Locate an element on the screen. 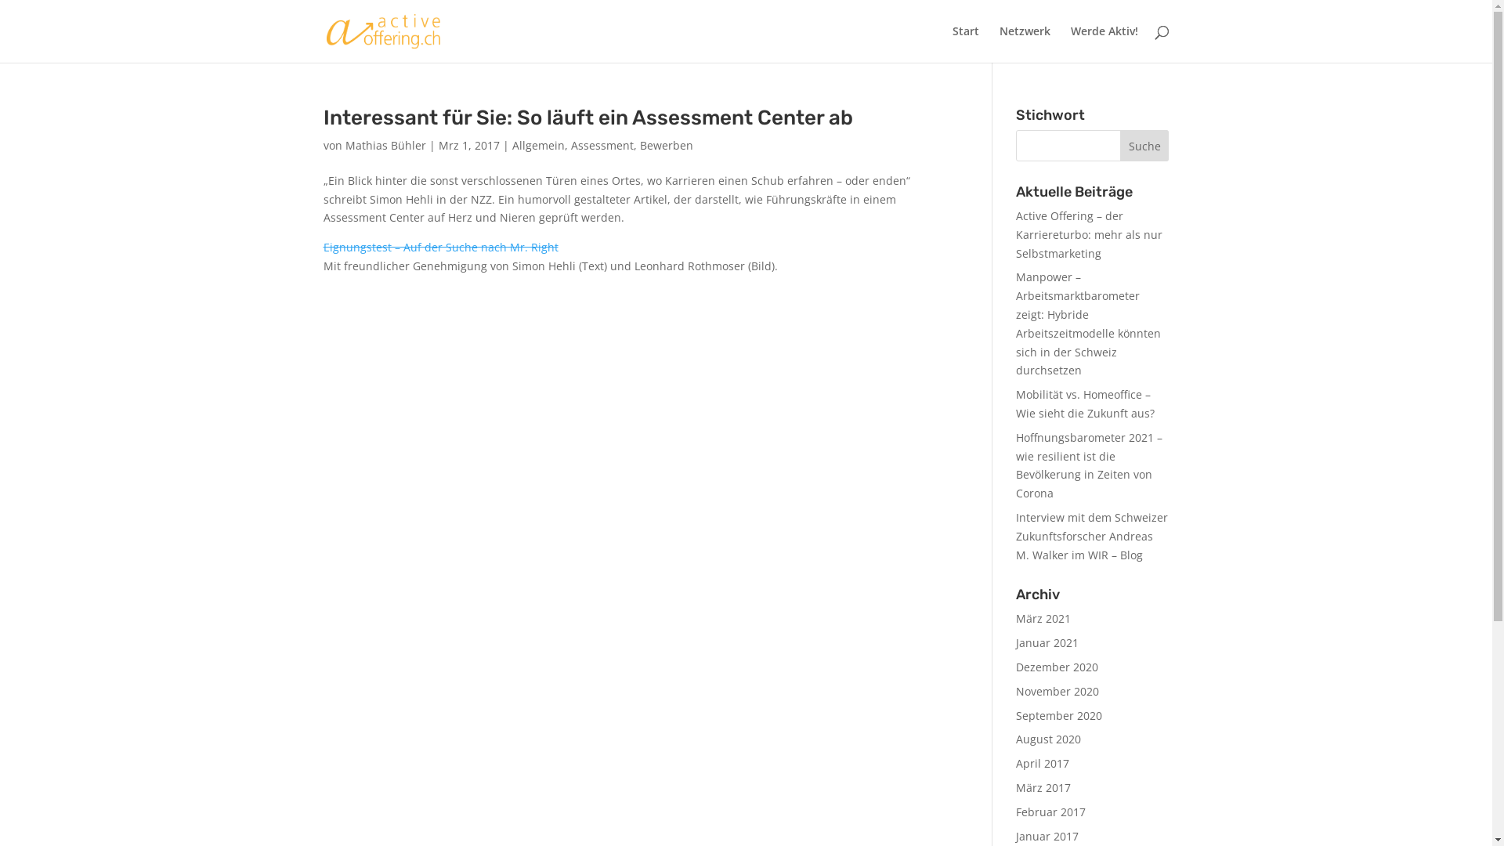 The height and width of the screenshot is (846, 1504). 'Februar 2017' is located at coordinates (1050, 811).